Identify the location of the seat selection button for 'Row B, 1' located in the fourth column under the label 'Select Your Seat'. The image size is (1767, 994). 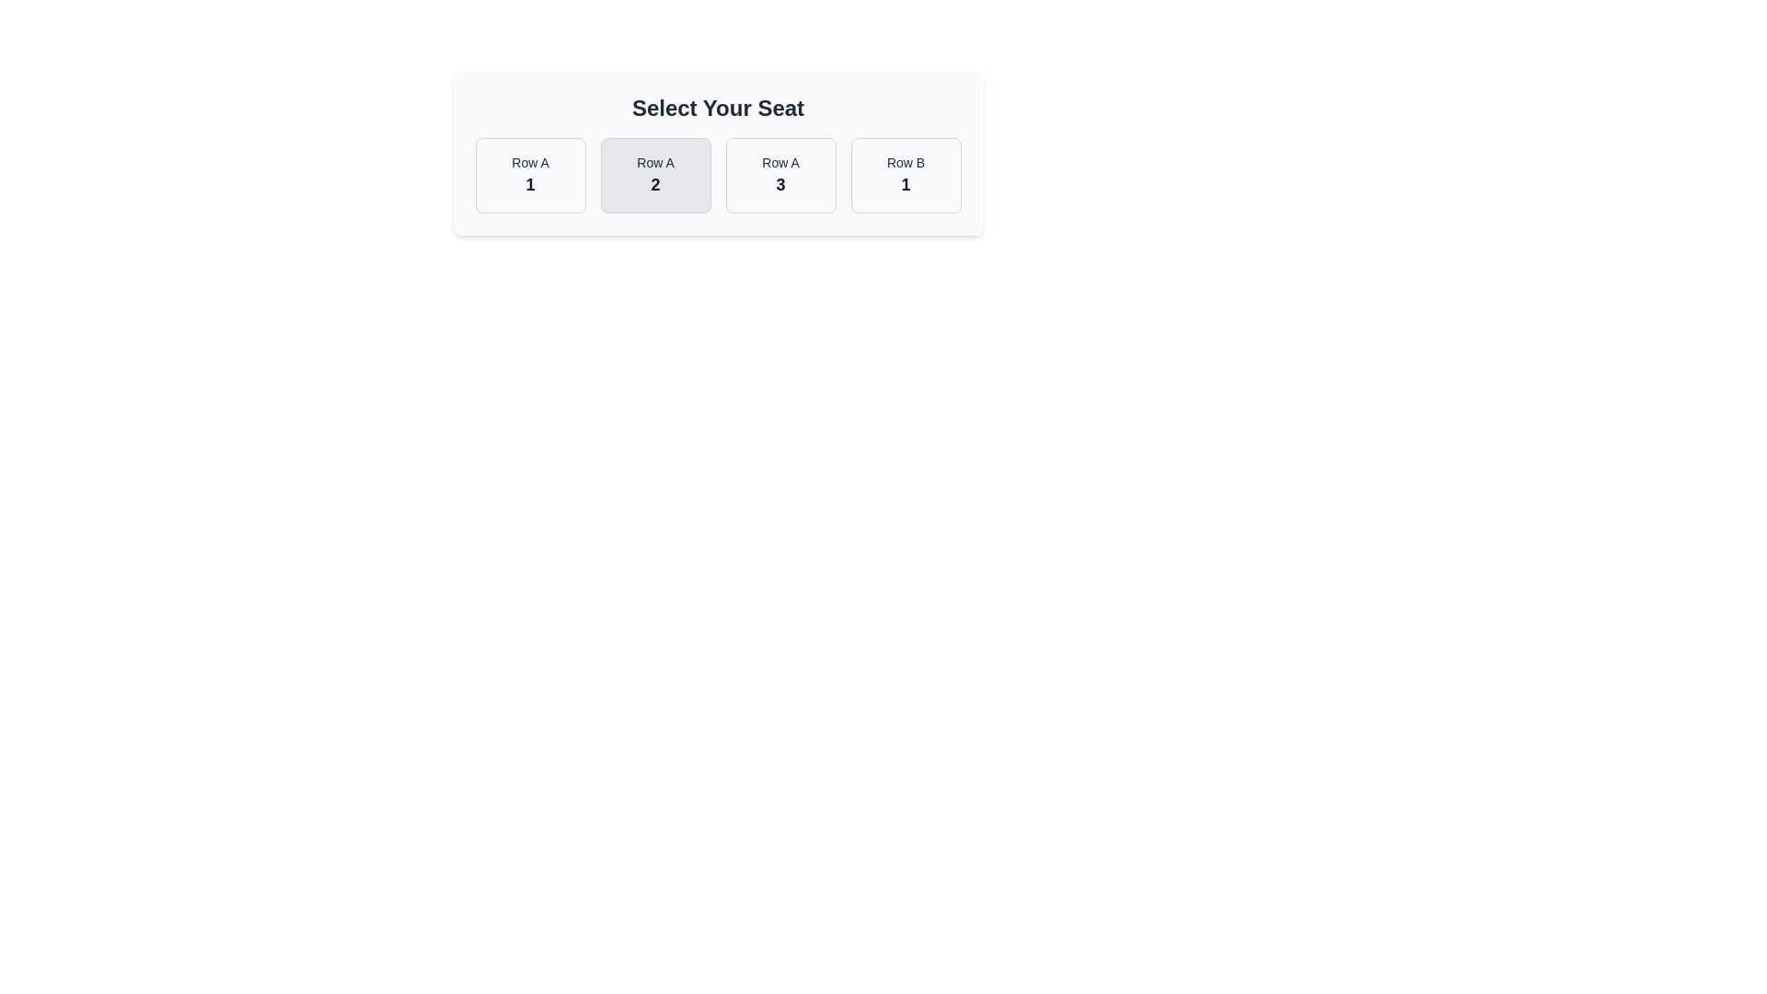
(906, 176).